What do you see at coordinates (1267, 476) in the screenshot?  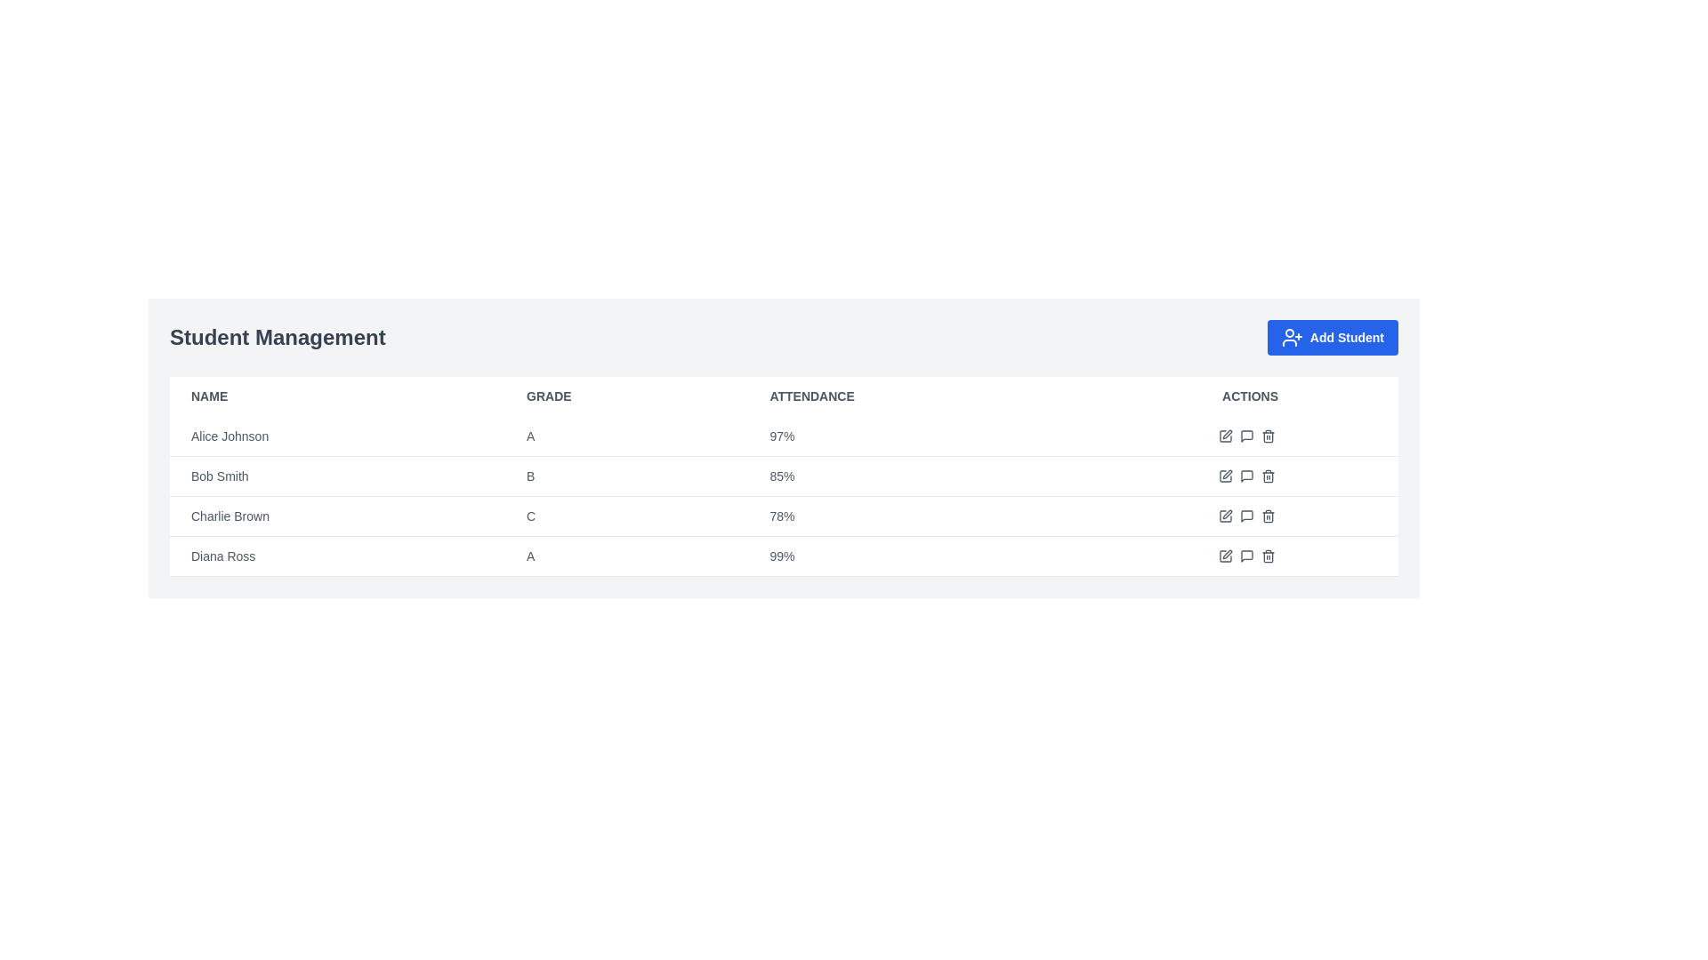 I see `the cylindrical body of the trash can icon, which is part of the 'Actions' column for 'Bob Smith'` at bounding box center [1267, 476].